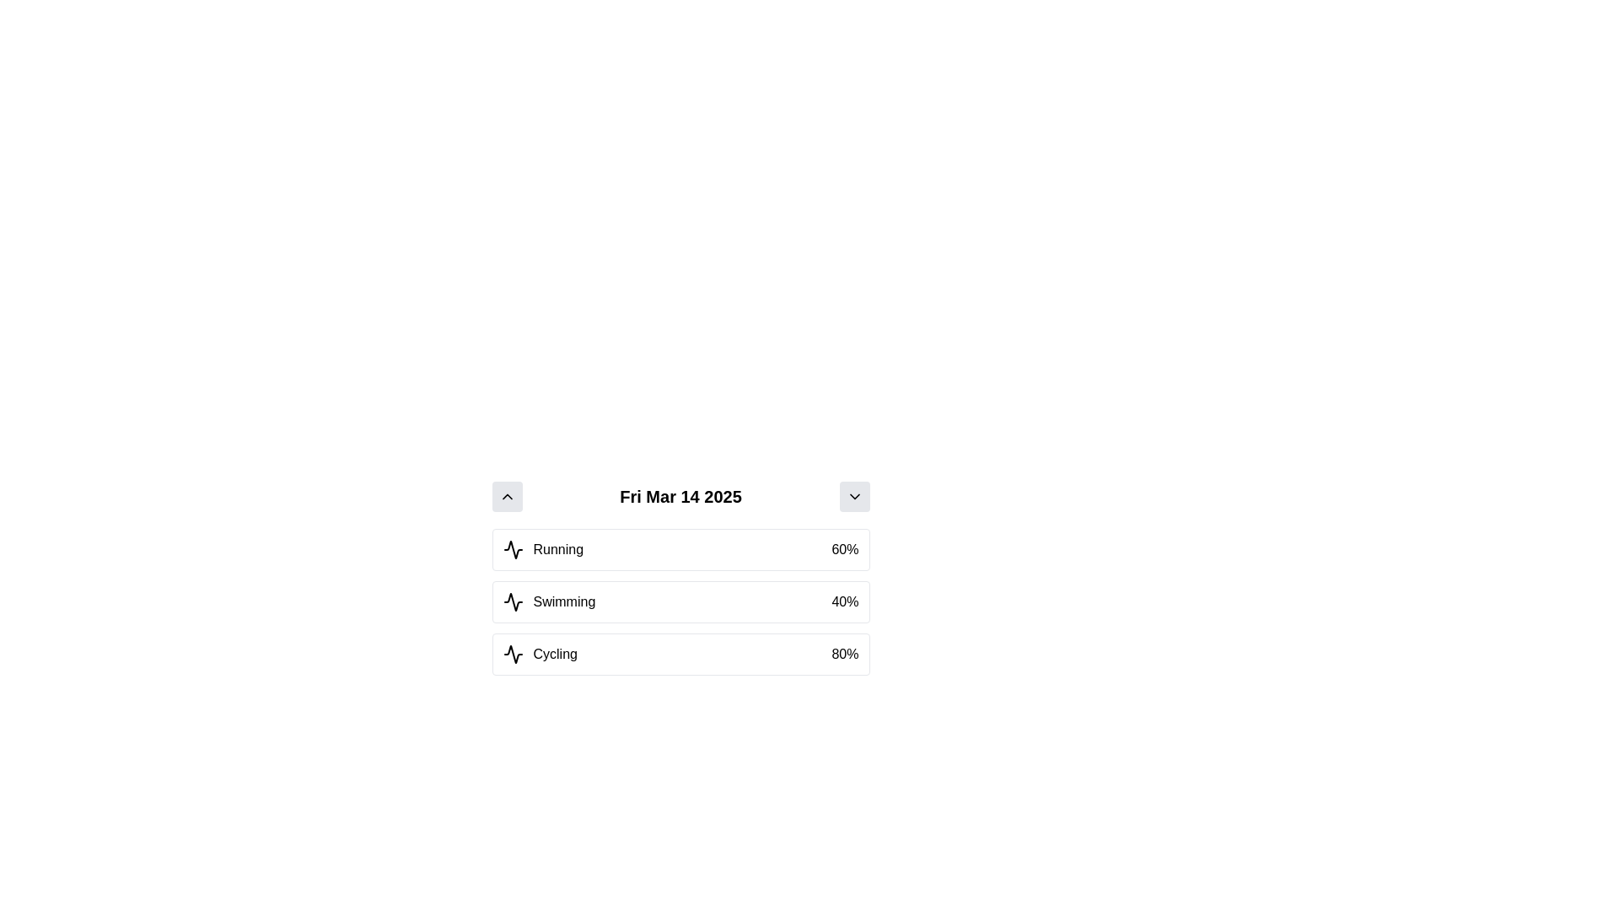  Describe the element at coordinates (506, 496) in the screenshot. I see `the Chevron Up icon located inside the rounded rectangular button on the left side of the date section to trigger visual feedback` at that location.